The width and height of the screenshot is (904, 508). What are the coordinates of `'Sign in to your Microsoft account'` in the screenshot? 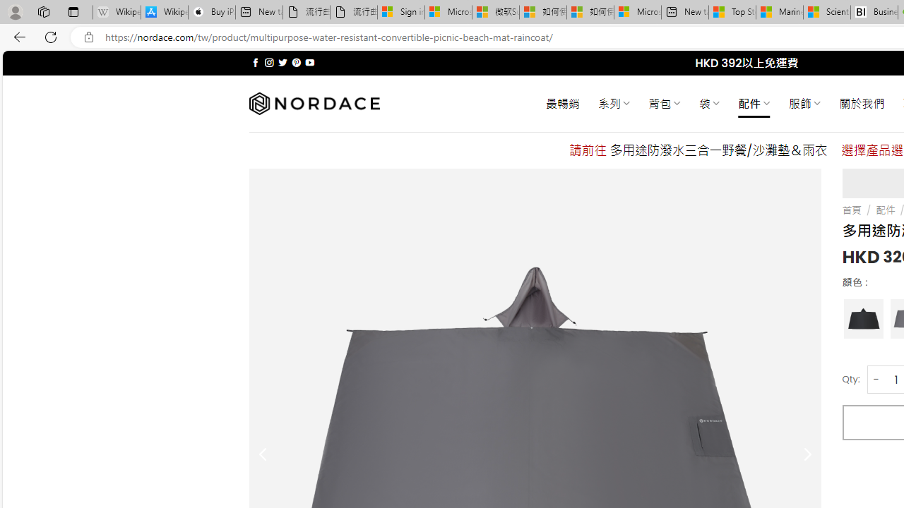 It's located at (400, 12).